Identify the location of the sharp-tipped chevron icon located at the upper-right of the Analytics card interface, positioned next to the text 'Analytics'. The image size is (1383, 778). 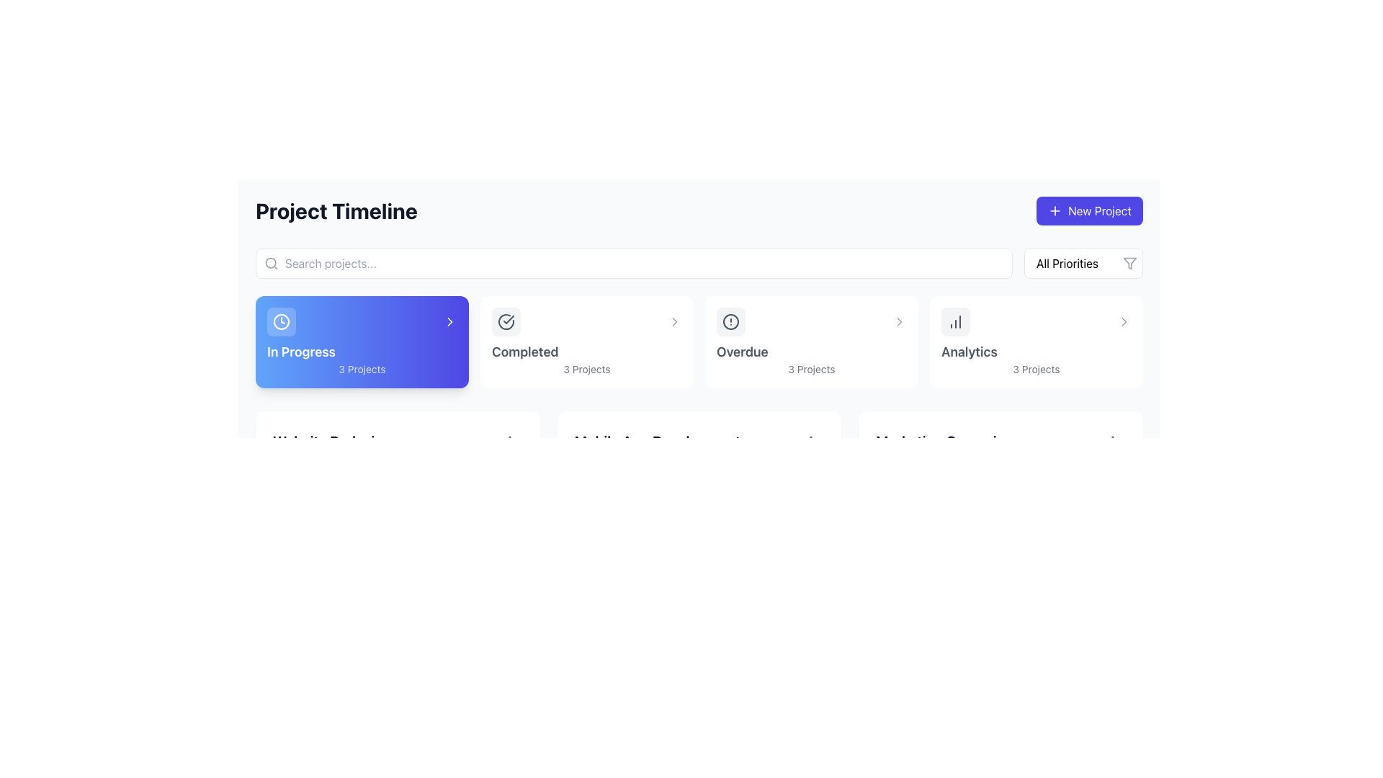
(1123, 321).